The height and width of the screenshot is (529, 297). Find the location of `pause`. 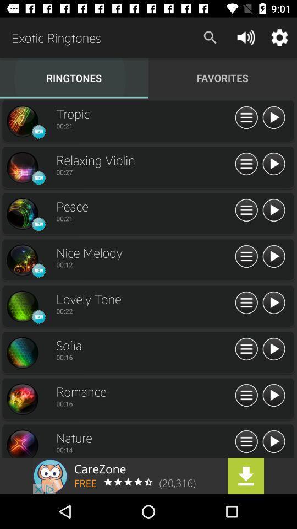

pause is located at coordinates (273, 257).